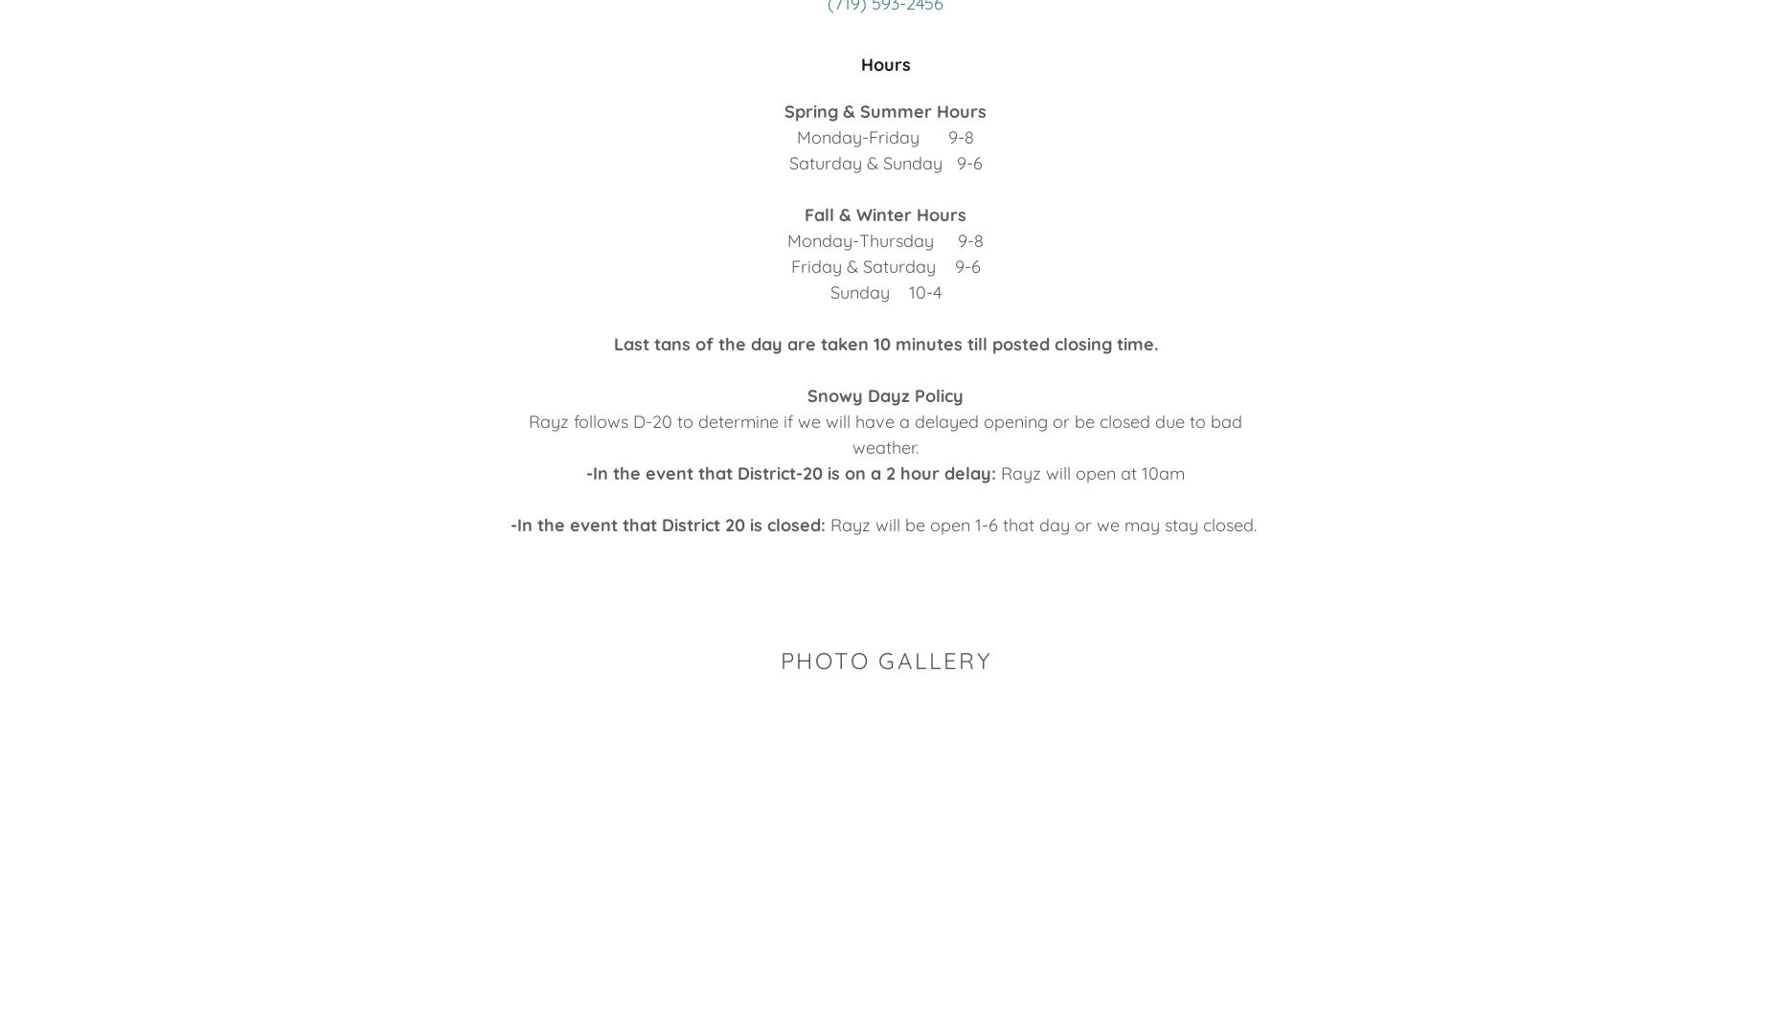 Image resolution: width=1772 pixels, height=1009 pixels. Describe the element at coordinates (791, 472) in the screenshot. I see `'-In the event that District-20 is on a 2 hour delay:'` at that location.